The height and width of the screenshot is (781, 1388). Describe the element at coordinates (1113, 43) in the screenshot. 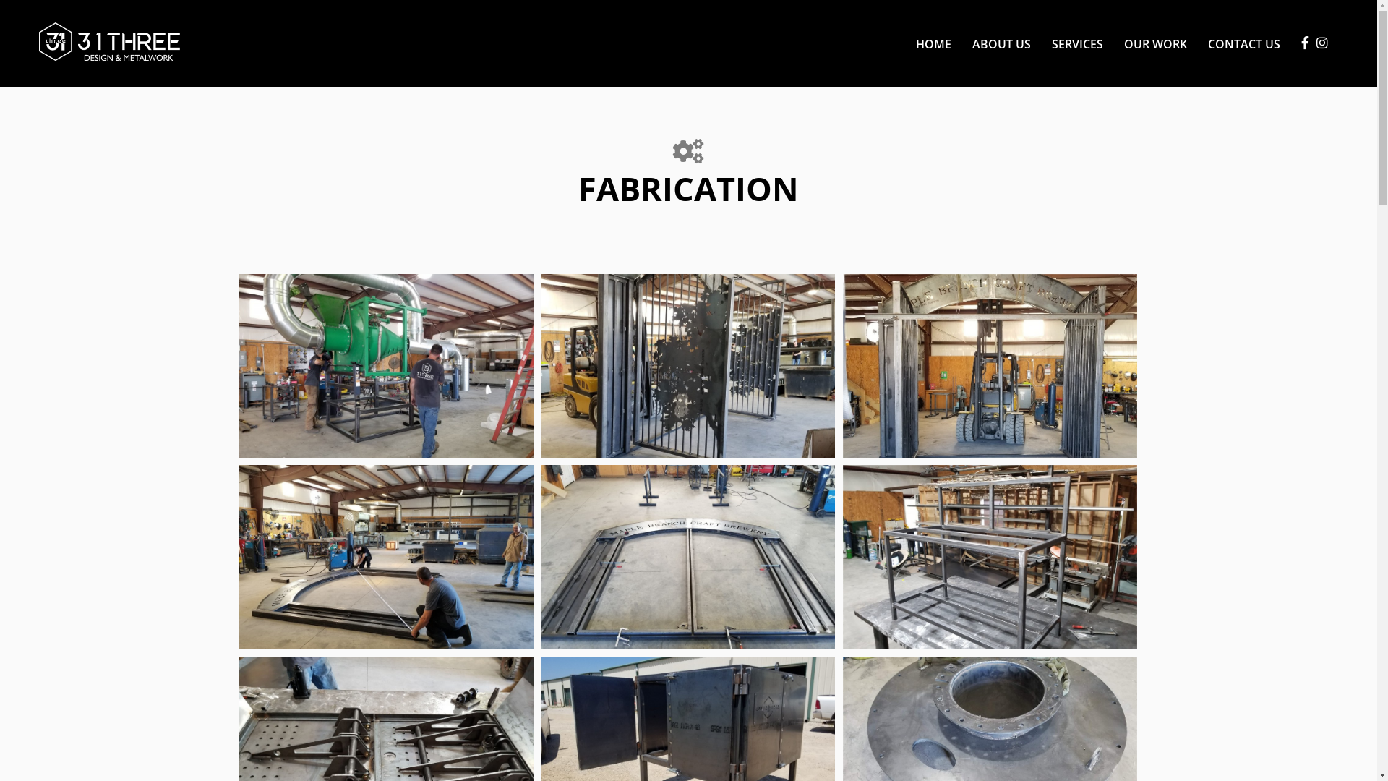

I see `'OUR WORK'` at that location.